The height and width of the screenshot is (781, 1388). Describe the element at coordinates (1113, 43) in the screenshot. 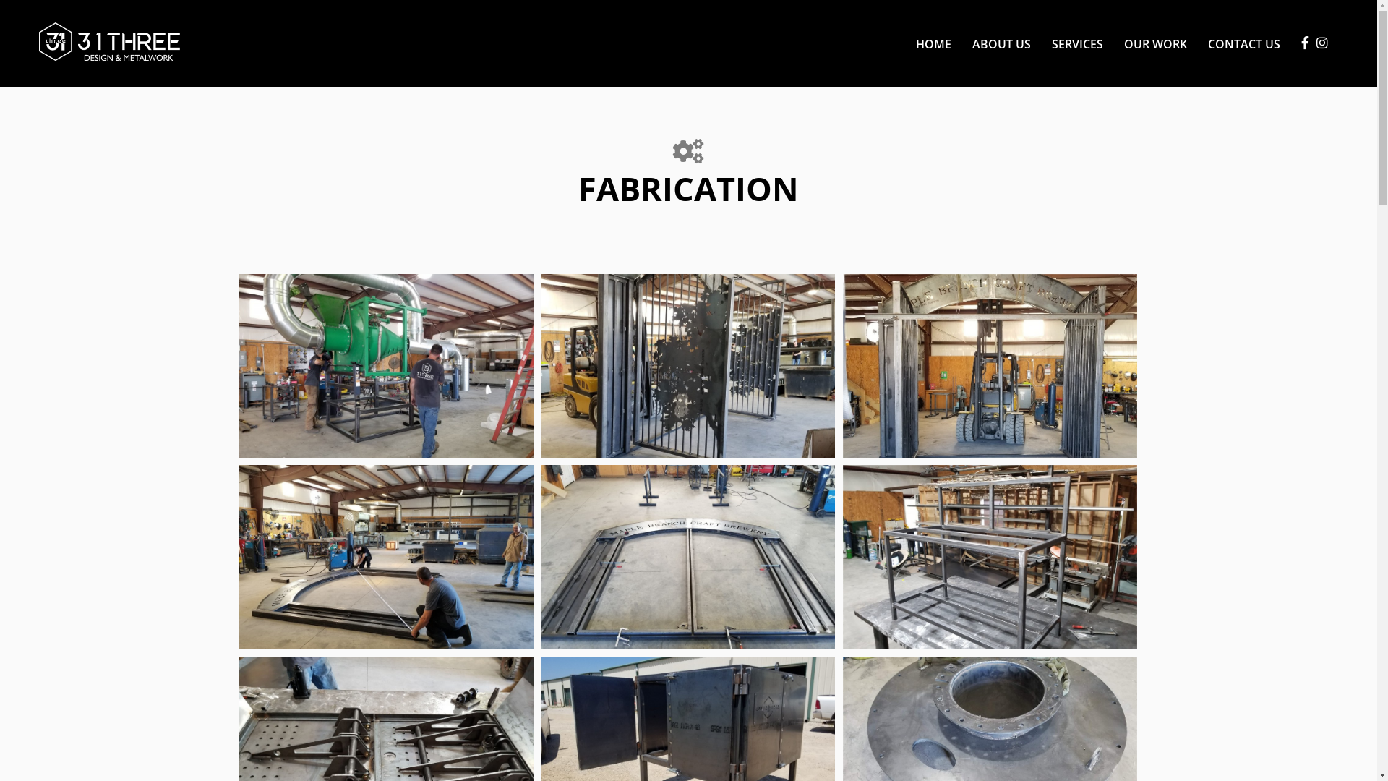

I see `'OUR WORK'` at that location.